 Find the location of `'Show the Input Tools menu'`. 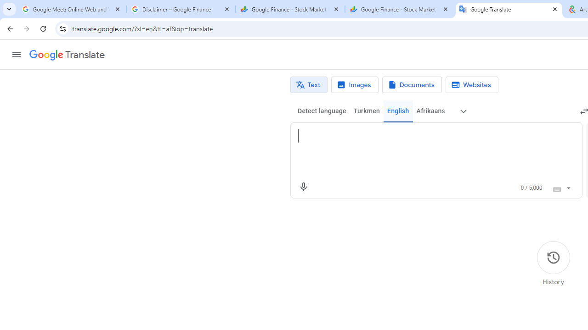

'Show the Input Tools menu' is located at coordinates (568, 186).